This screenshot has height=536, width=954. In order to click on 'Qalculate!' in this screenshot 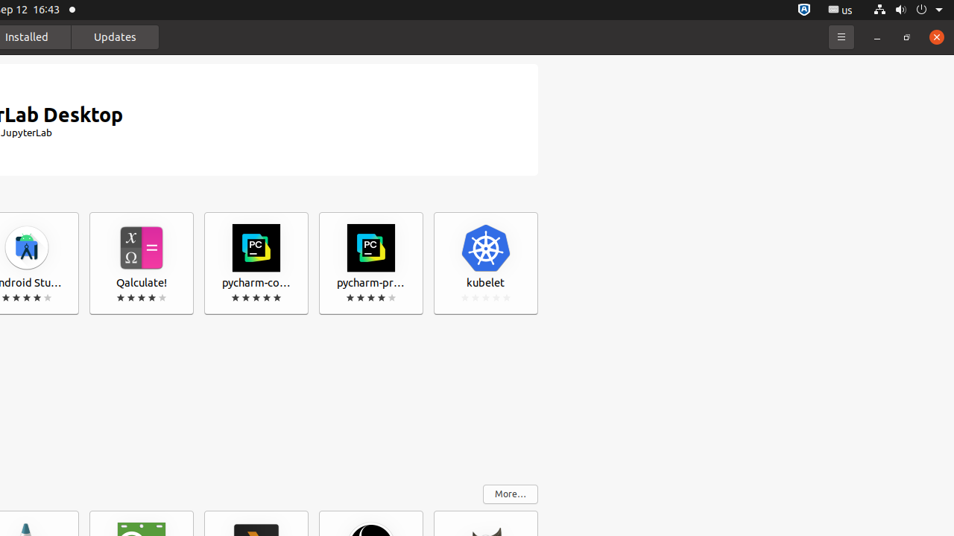, I will do `click(141, 263)`.